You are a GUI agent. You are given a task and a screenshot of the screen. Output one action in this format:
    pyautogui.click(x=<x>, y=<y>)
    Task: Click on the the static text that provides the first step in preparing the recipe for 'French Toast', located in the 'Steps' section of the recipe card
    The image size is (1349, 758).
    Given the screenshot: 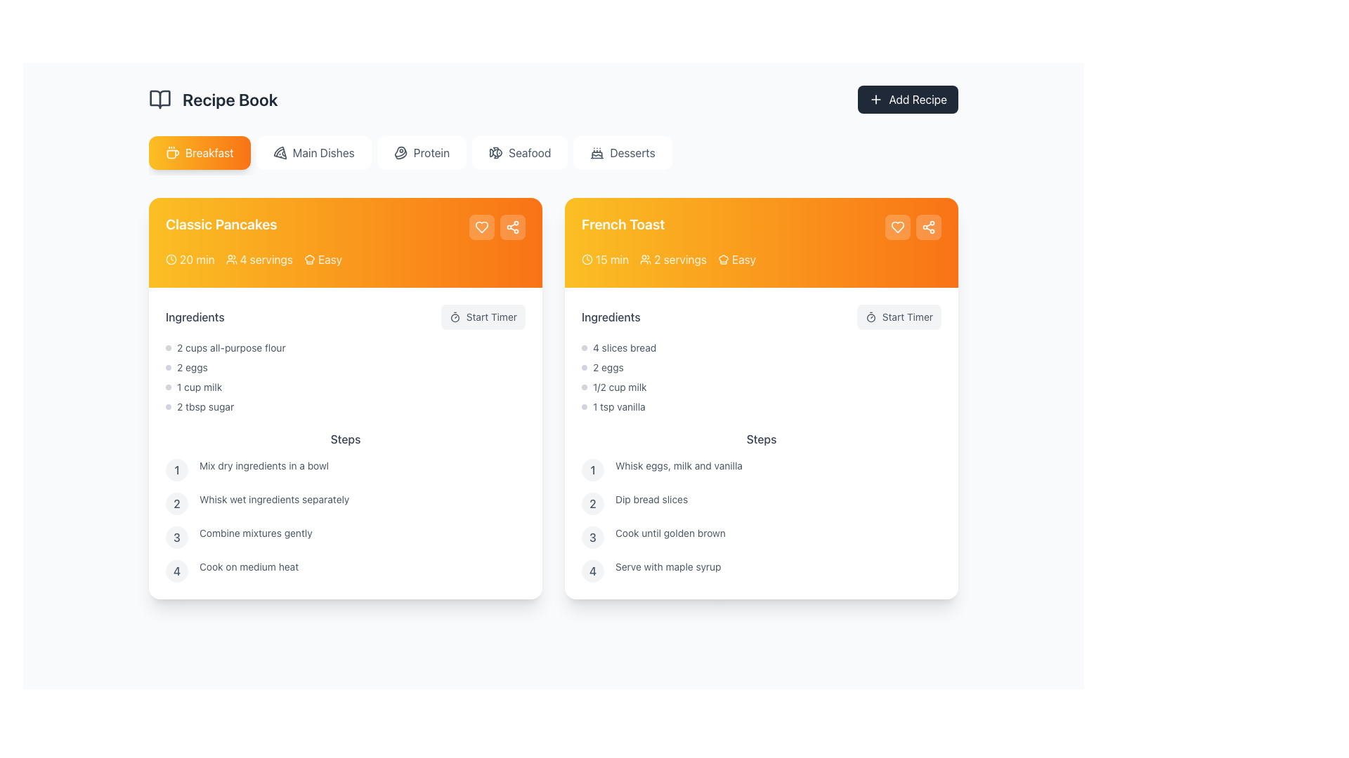 What is the action you would take?
    pyautogui.click(x=679, y=470)
    